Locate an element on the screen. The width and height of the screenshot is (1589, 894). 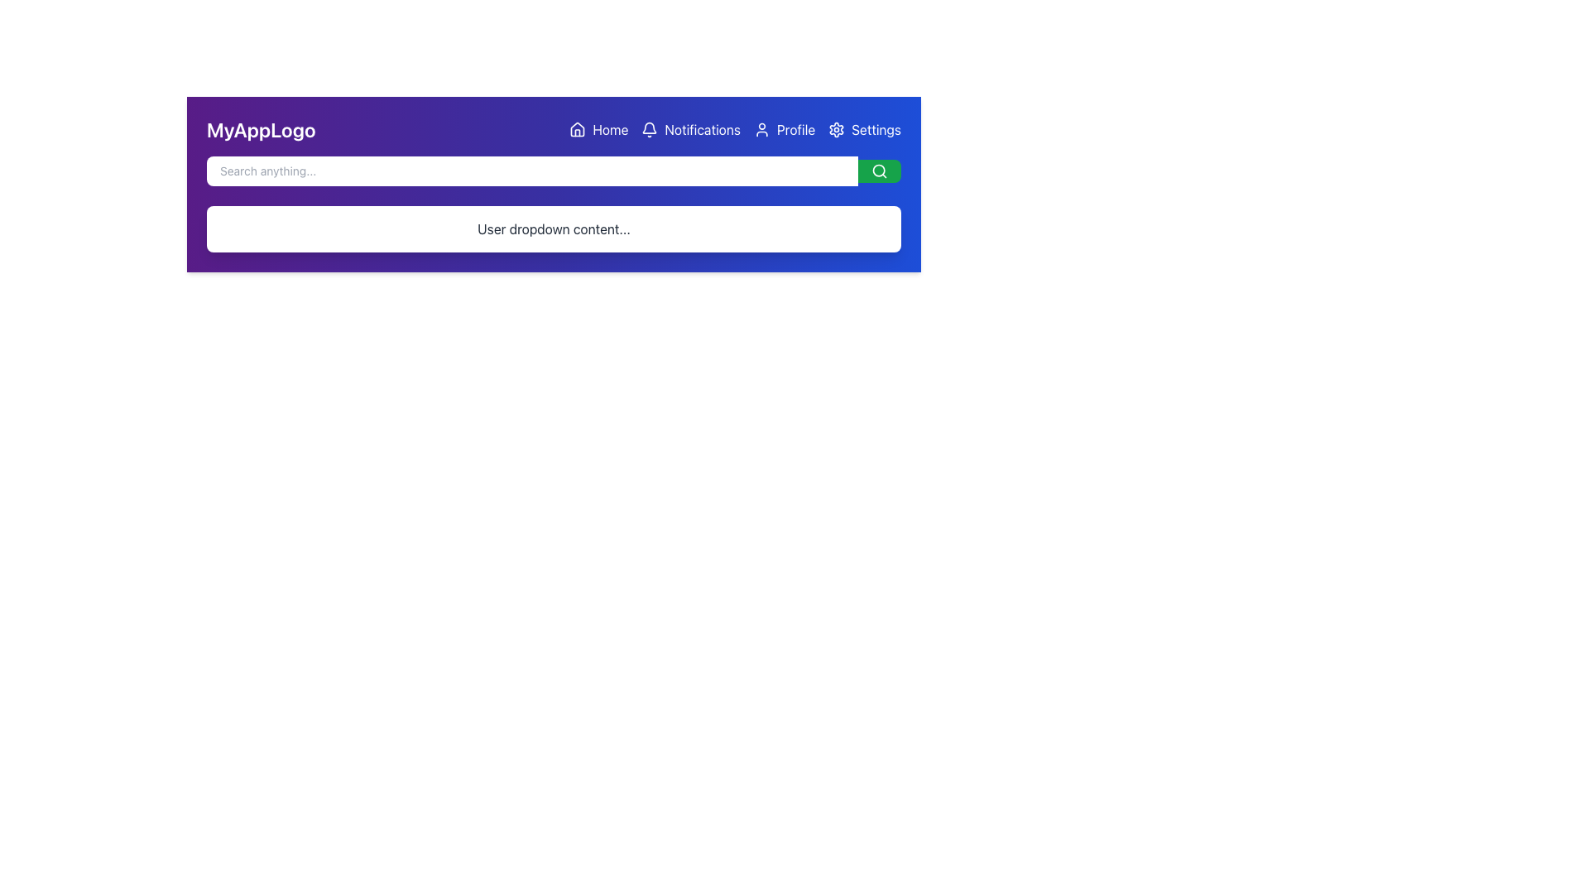
the search bar in the navigation header to type queries is located at coordinates (554, 185).